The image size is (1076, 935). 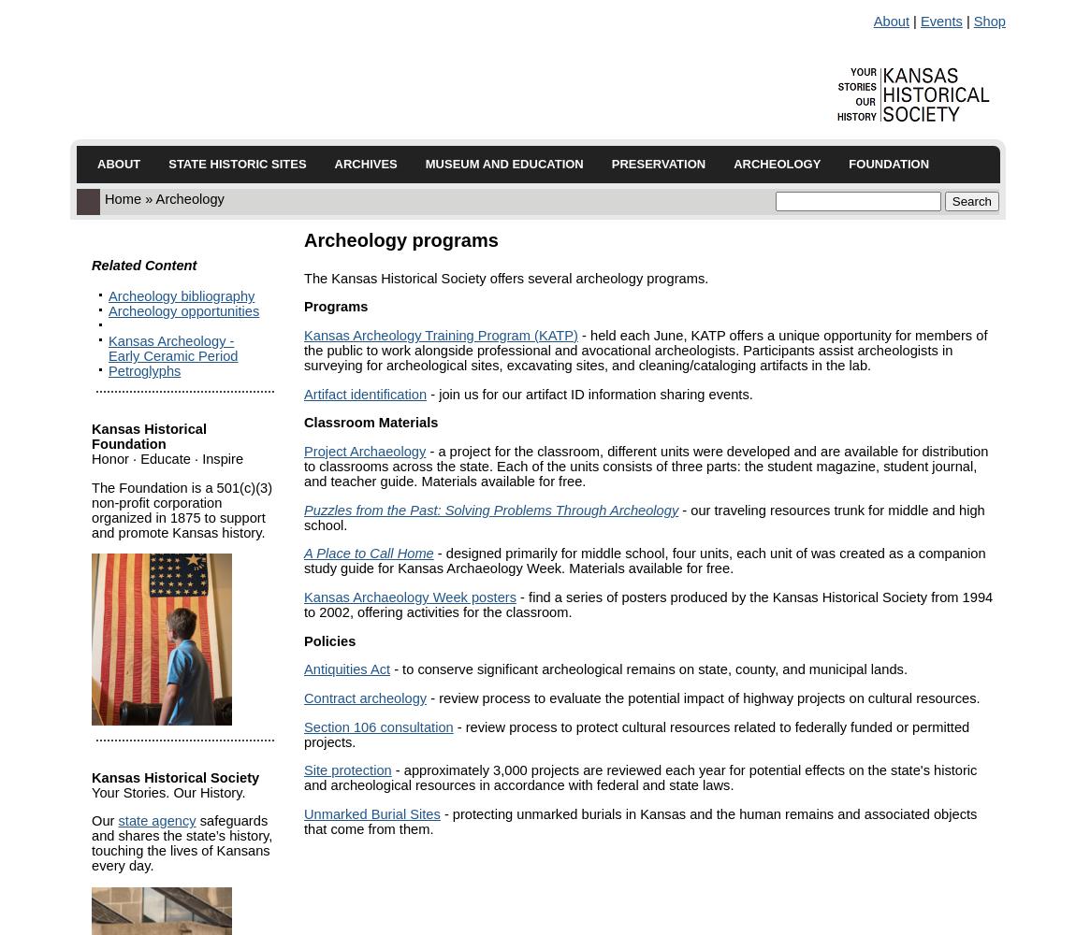 What do you see at coordinates (329, 640) in the screenshot?
I see `'Policies'` at bounding box center [329, 640].